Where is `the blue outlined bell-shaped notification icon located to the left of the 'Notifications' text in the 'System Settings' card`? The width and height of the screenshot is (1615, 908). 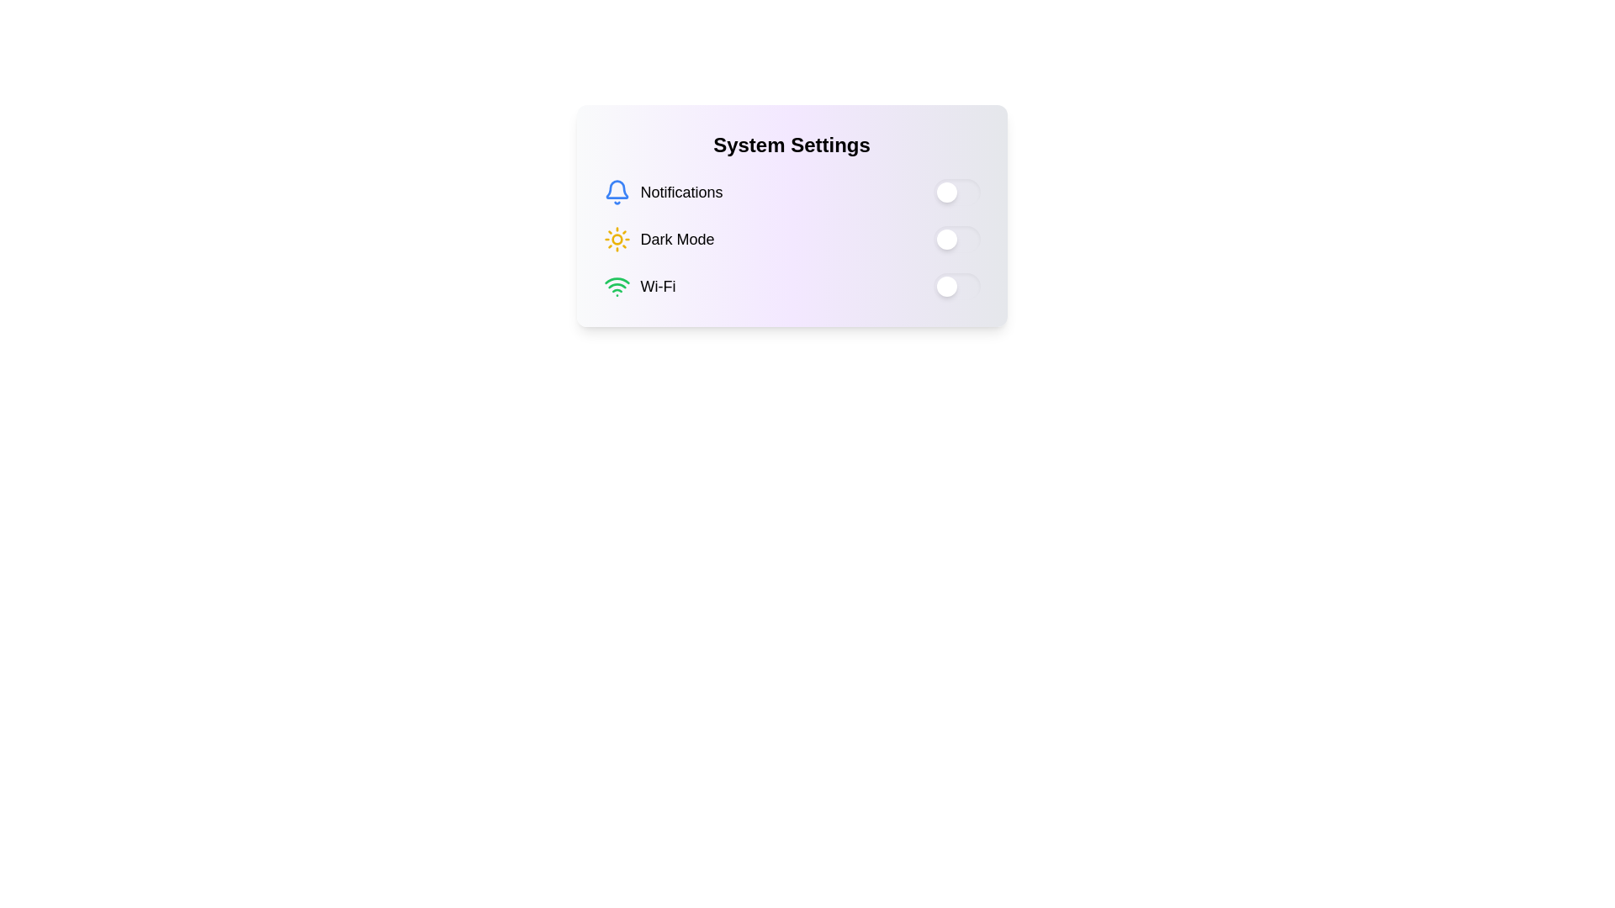
the blue outlined bell-shaped notification icon located to the left of the 'Notifications' text in the 'System Settings' card is located at coordinates (616, 189).